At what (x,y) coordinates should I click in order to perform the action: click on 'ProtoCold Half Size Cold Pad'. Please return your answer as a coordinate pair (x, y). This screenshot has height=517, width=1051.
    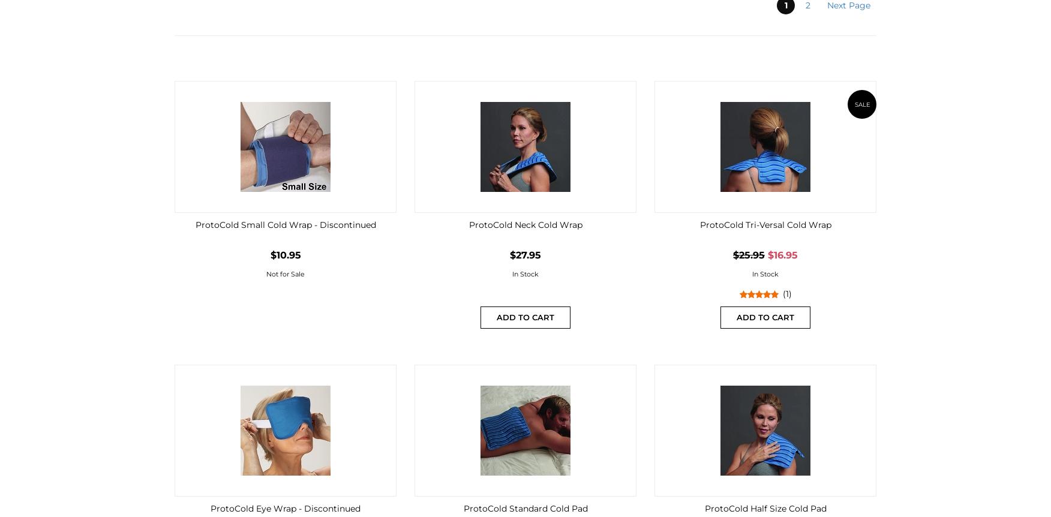
    Looking at the image, I should click on (764, 507).